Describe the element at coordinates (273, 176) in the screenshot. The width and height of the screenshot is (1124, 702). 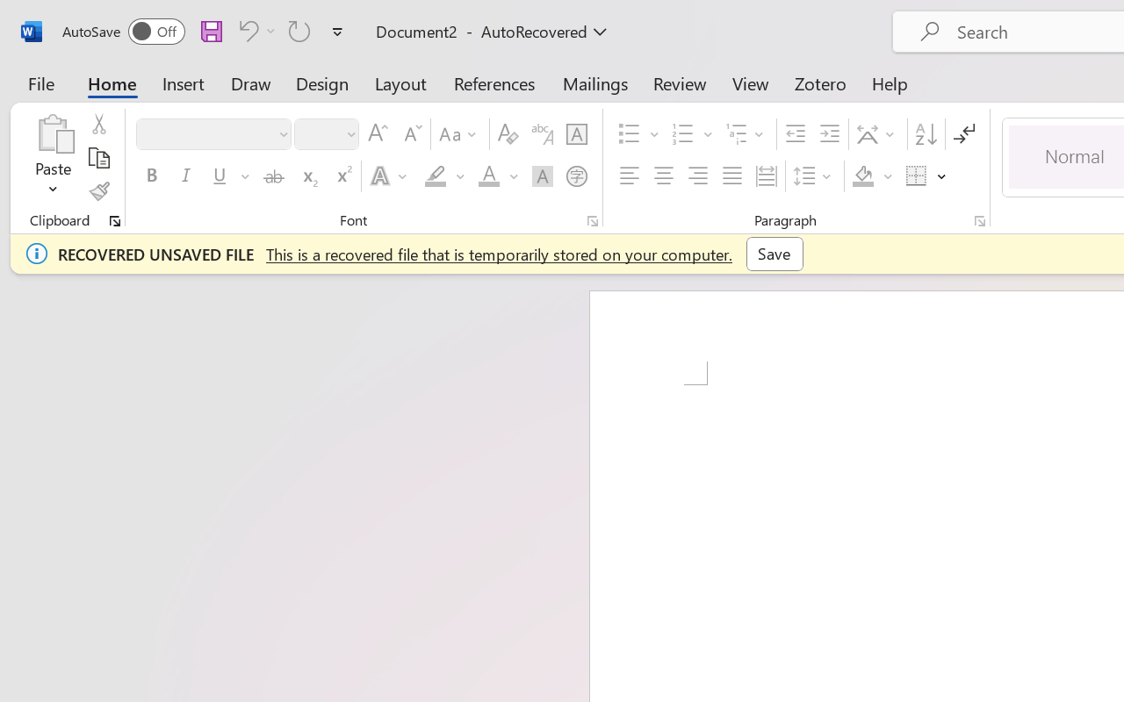
I see `'Strikethrough'` at that location.